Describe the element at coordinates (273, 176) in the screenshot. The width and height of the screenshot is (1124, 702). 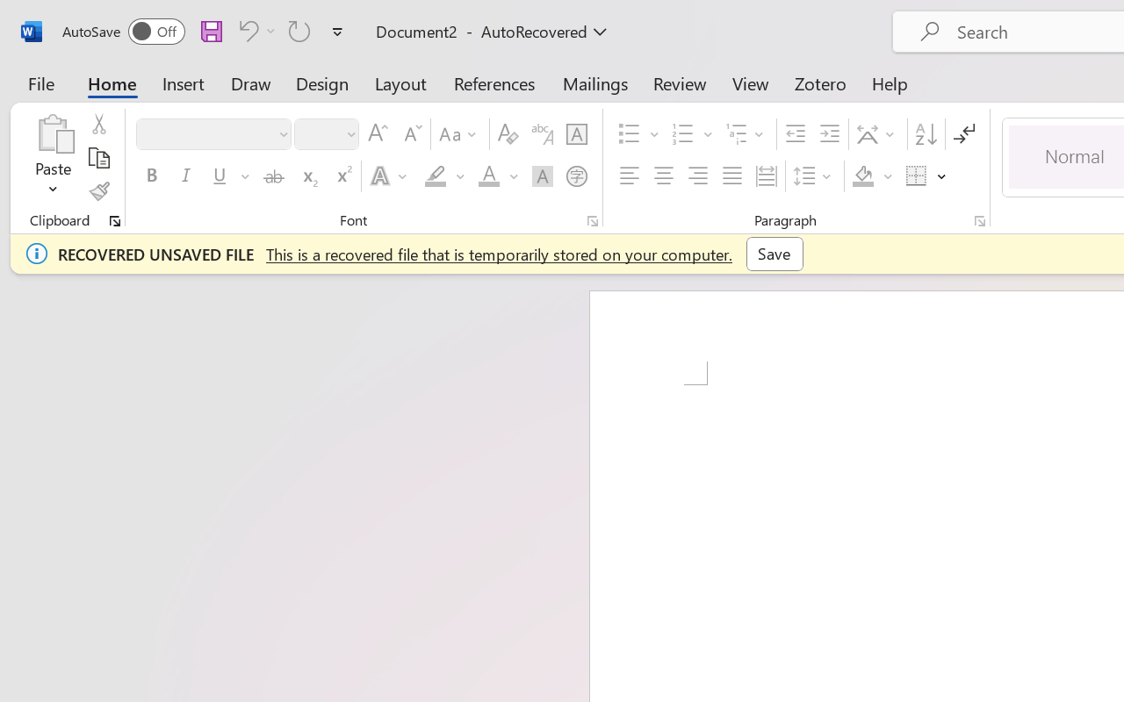
I see `'Strikethrough'` at that location.